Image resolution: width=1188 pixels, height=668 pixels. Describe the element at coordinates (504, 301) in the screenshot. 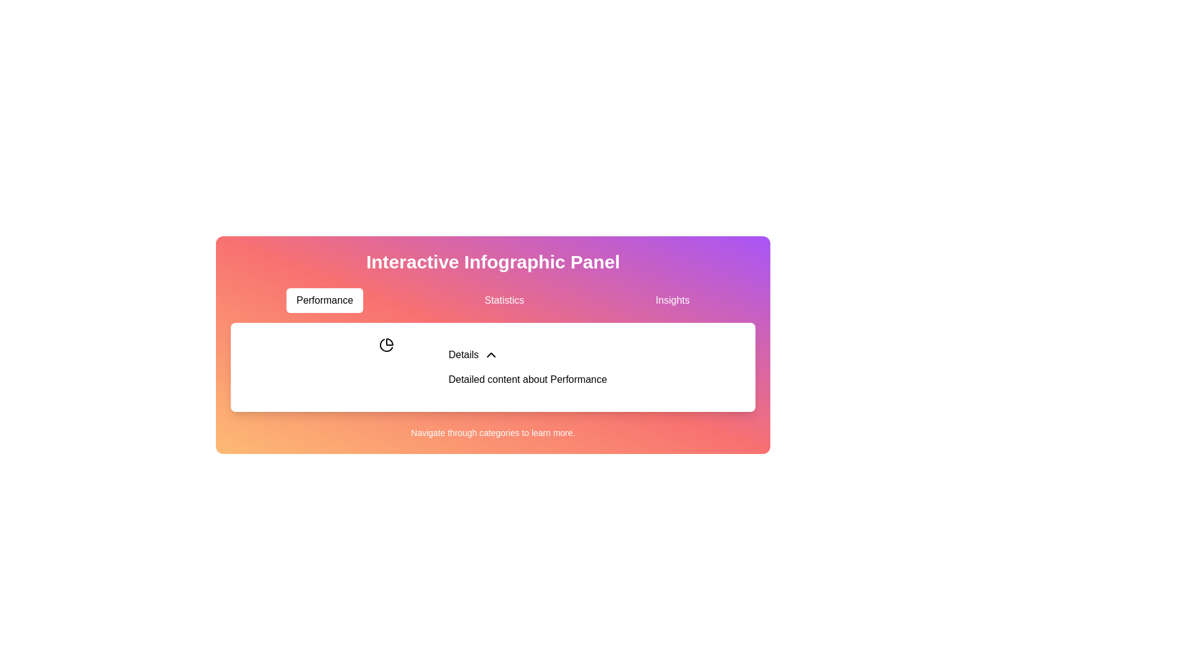

I see `the 'Statistics' button, which is styled with rounded corners and has a text label reading 'Statistics', to trigger its visual effects` at that location.